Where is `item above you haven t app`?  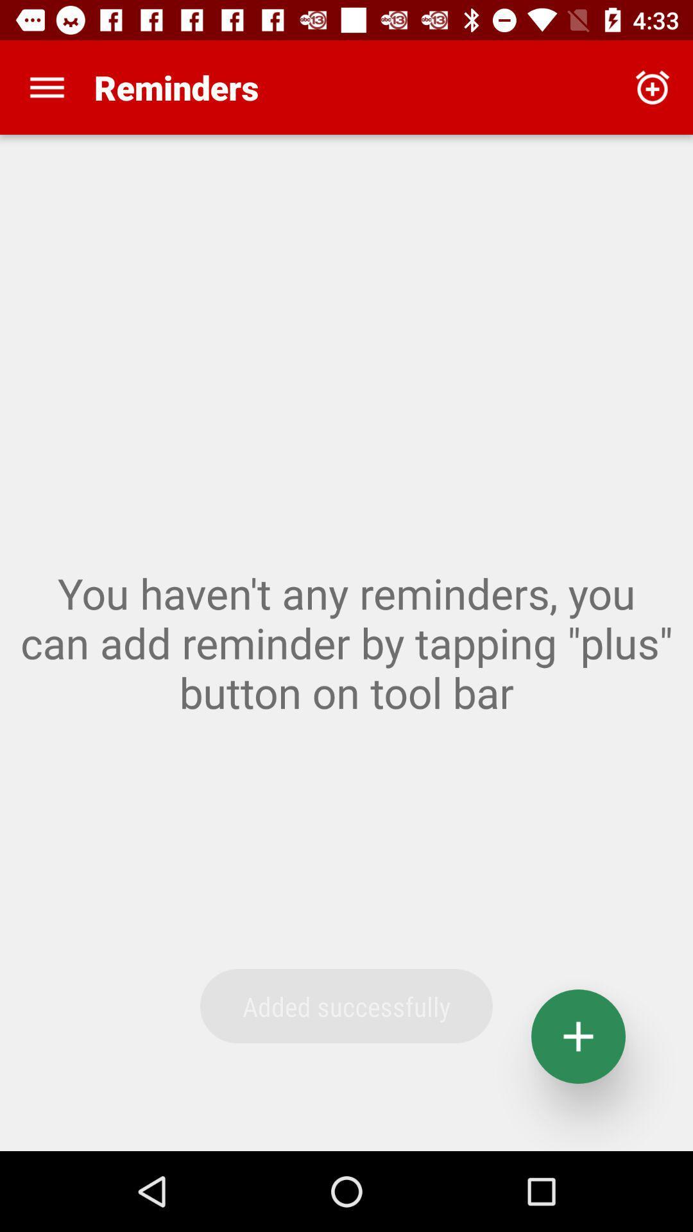 item above you haven t app is located at coordinates (46, 87).